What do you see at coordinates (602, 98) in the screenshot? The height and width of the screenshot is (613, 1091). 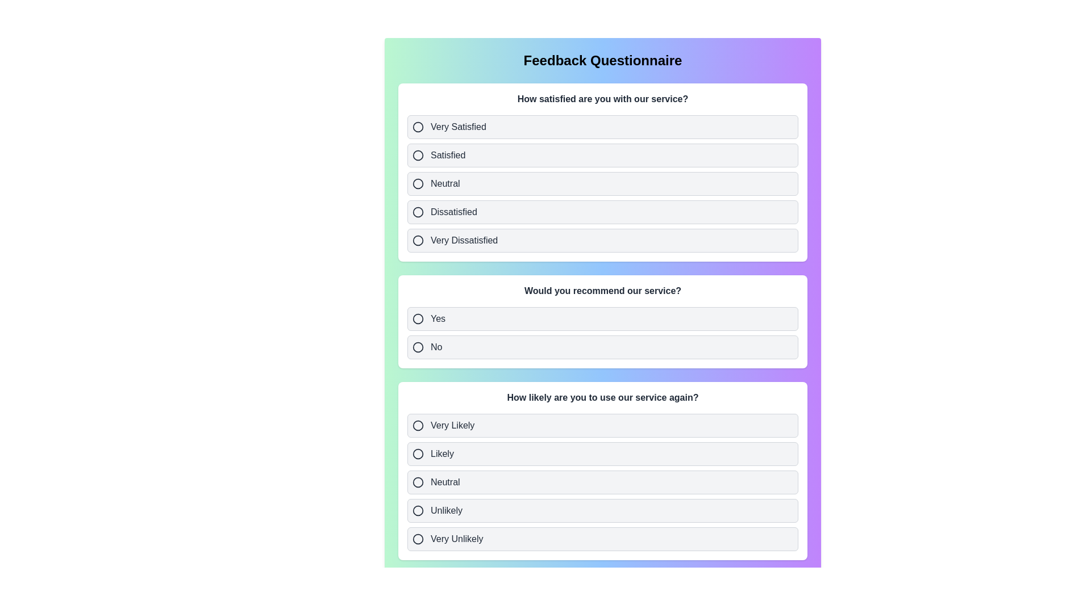 I see `the text of the question 'How satisfied are you with our service?'` at bounding box center [602, 98].